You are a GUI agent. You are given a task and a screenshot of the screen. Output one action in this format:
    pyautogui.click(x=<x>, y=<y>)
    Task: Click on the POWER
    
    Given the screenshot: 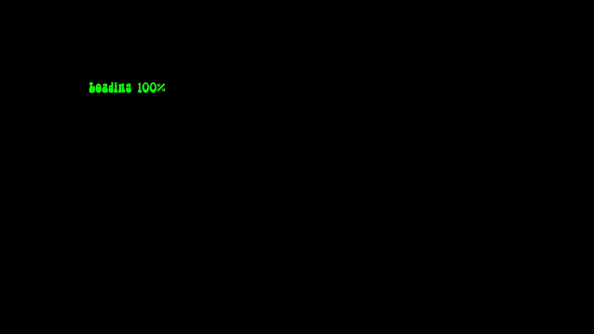 What is the action you would take?
    pyautogui.click(x=204, y=96)
    